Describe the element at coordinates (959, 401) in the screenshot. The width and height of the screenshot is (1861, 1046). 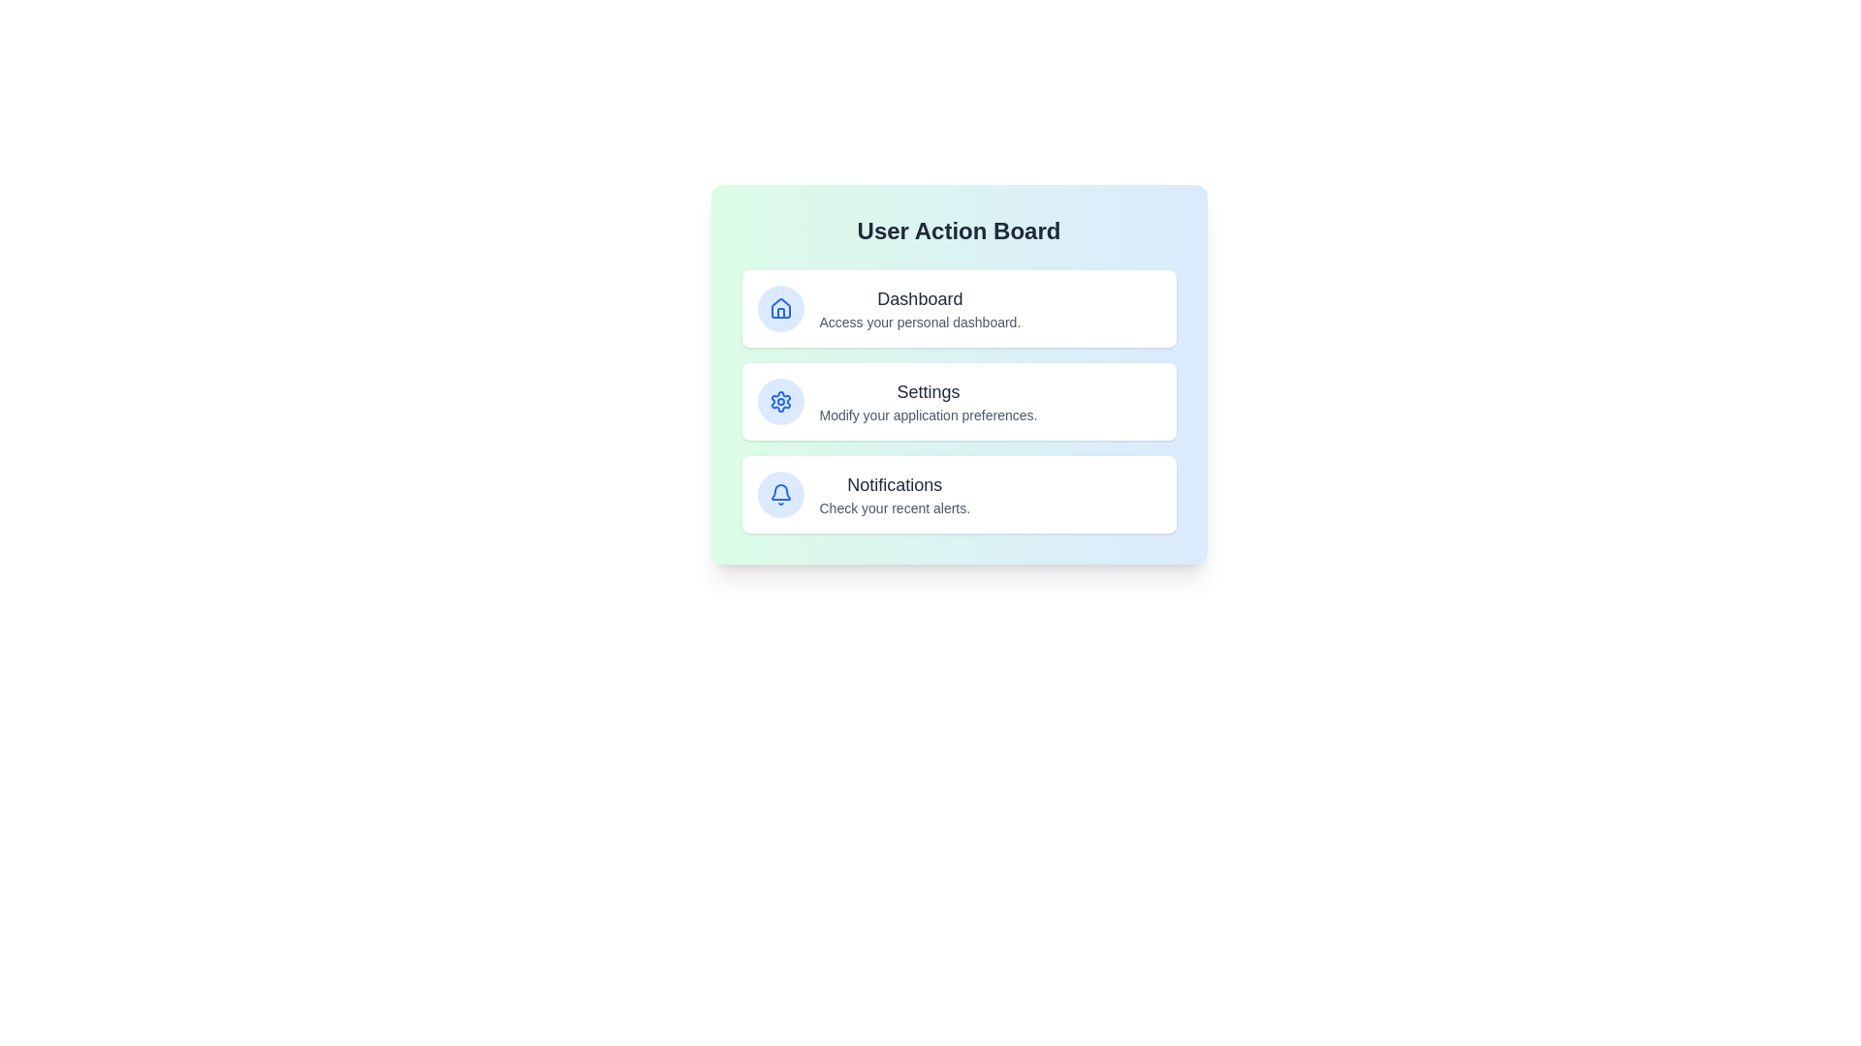
I see `the Settings card to observe its hover effect` at that location.